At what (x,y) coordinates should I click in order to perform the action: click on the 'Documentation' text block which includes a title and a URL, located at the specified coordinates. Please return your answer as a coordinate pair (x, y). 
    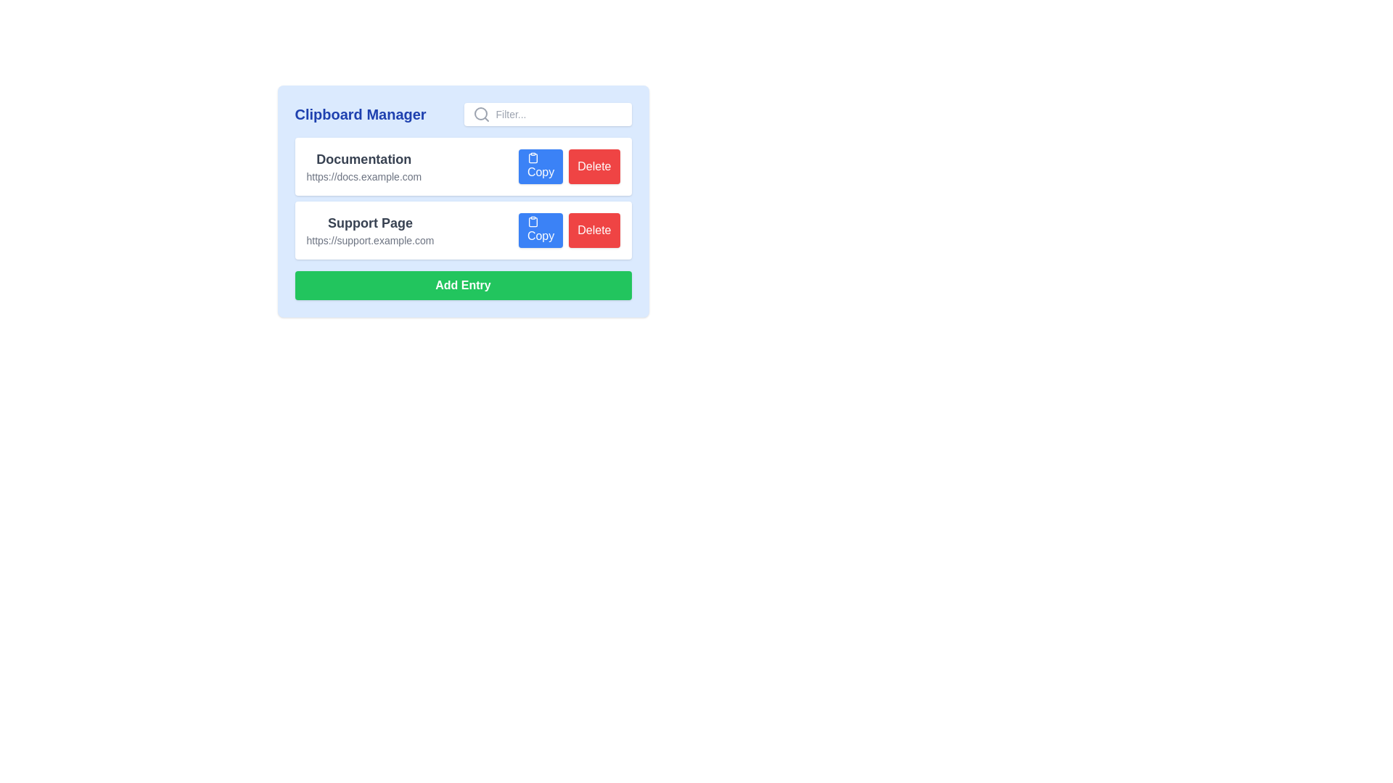
    Looking at the image, I should click on (363, 166).